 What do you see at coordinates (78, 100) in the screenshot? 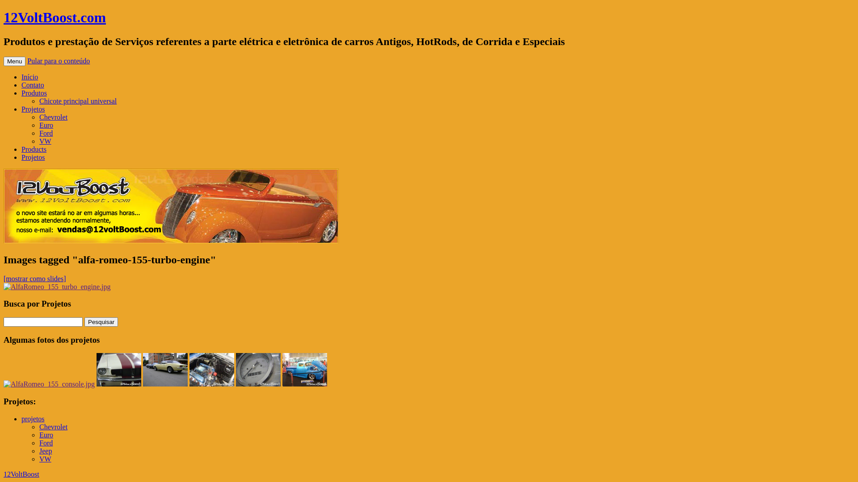
I see `'Chicote principal universal'` at bounding box center [78, 100].